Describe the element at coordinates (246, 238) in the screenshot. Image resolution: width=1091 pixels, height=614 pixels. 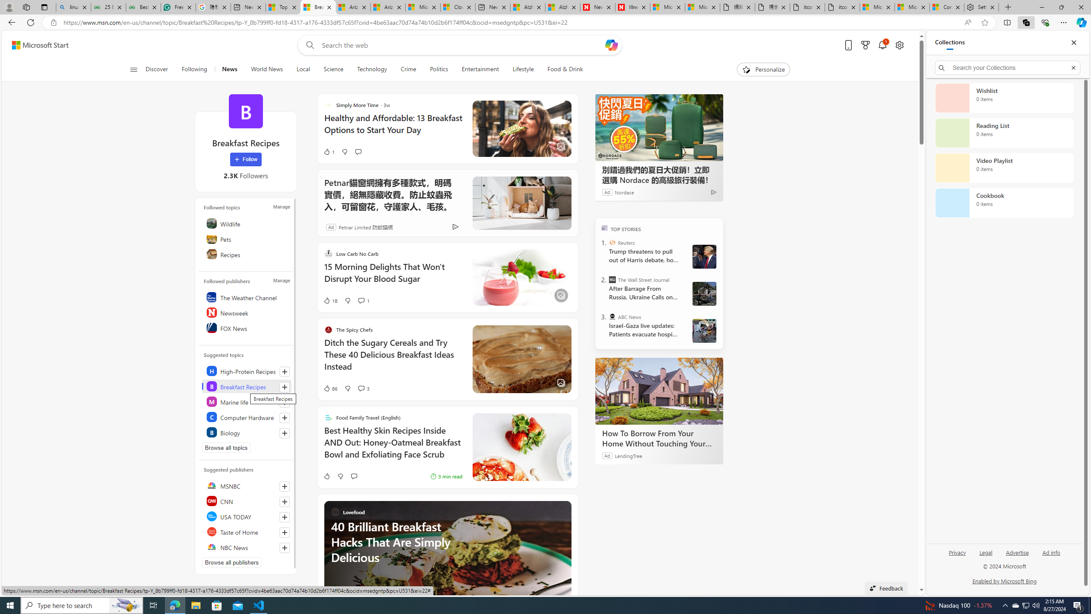
I see `'Pets'` at that location.